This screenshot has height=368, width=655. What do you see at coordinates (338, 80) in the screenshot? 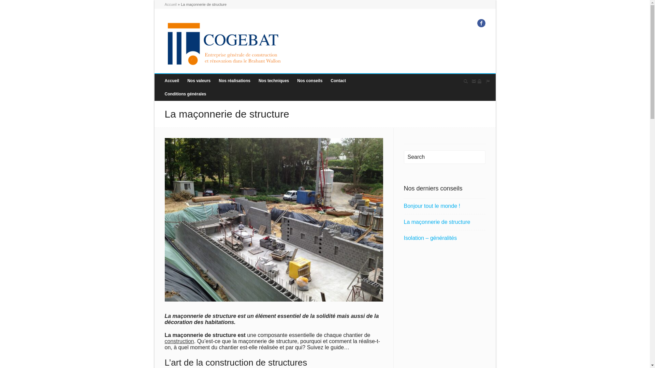
I see `'Contact'` at bounding box center [338, 80].